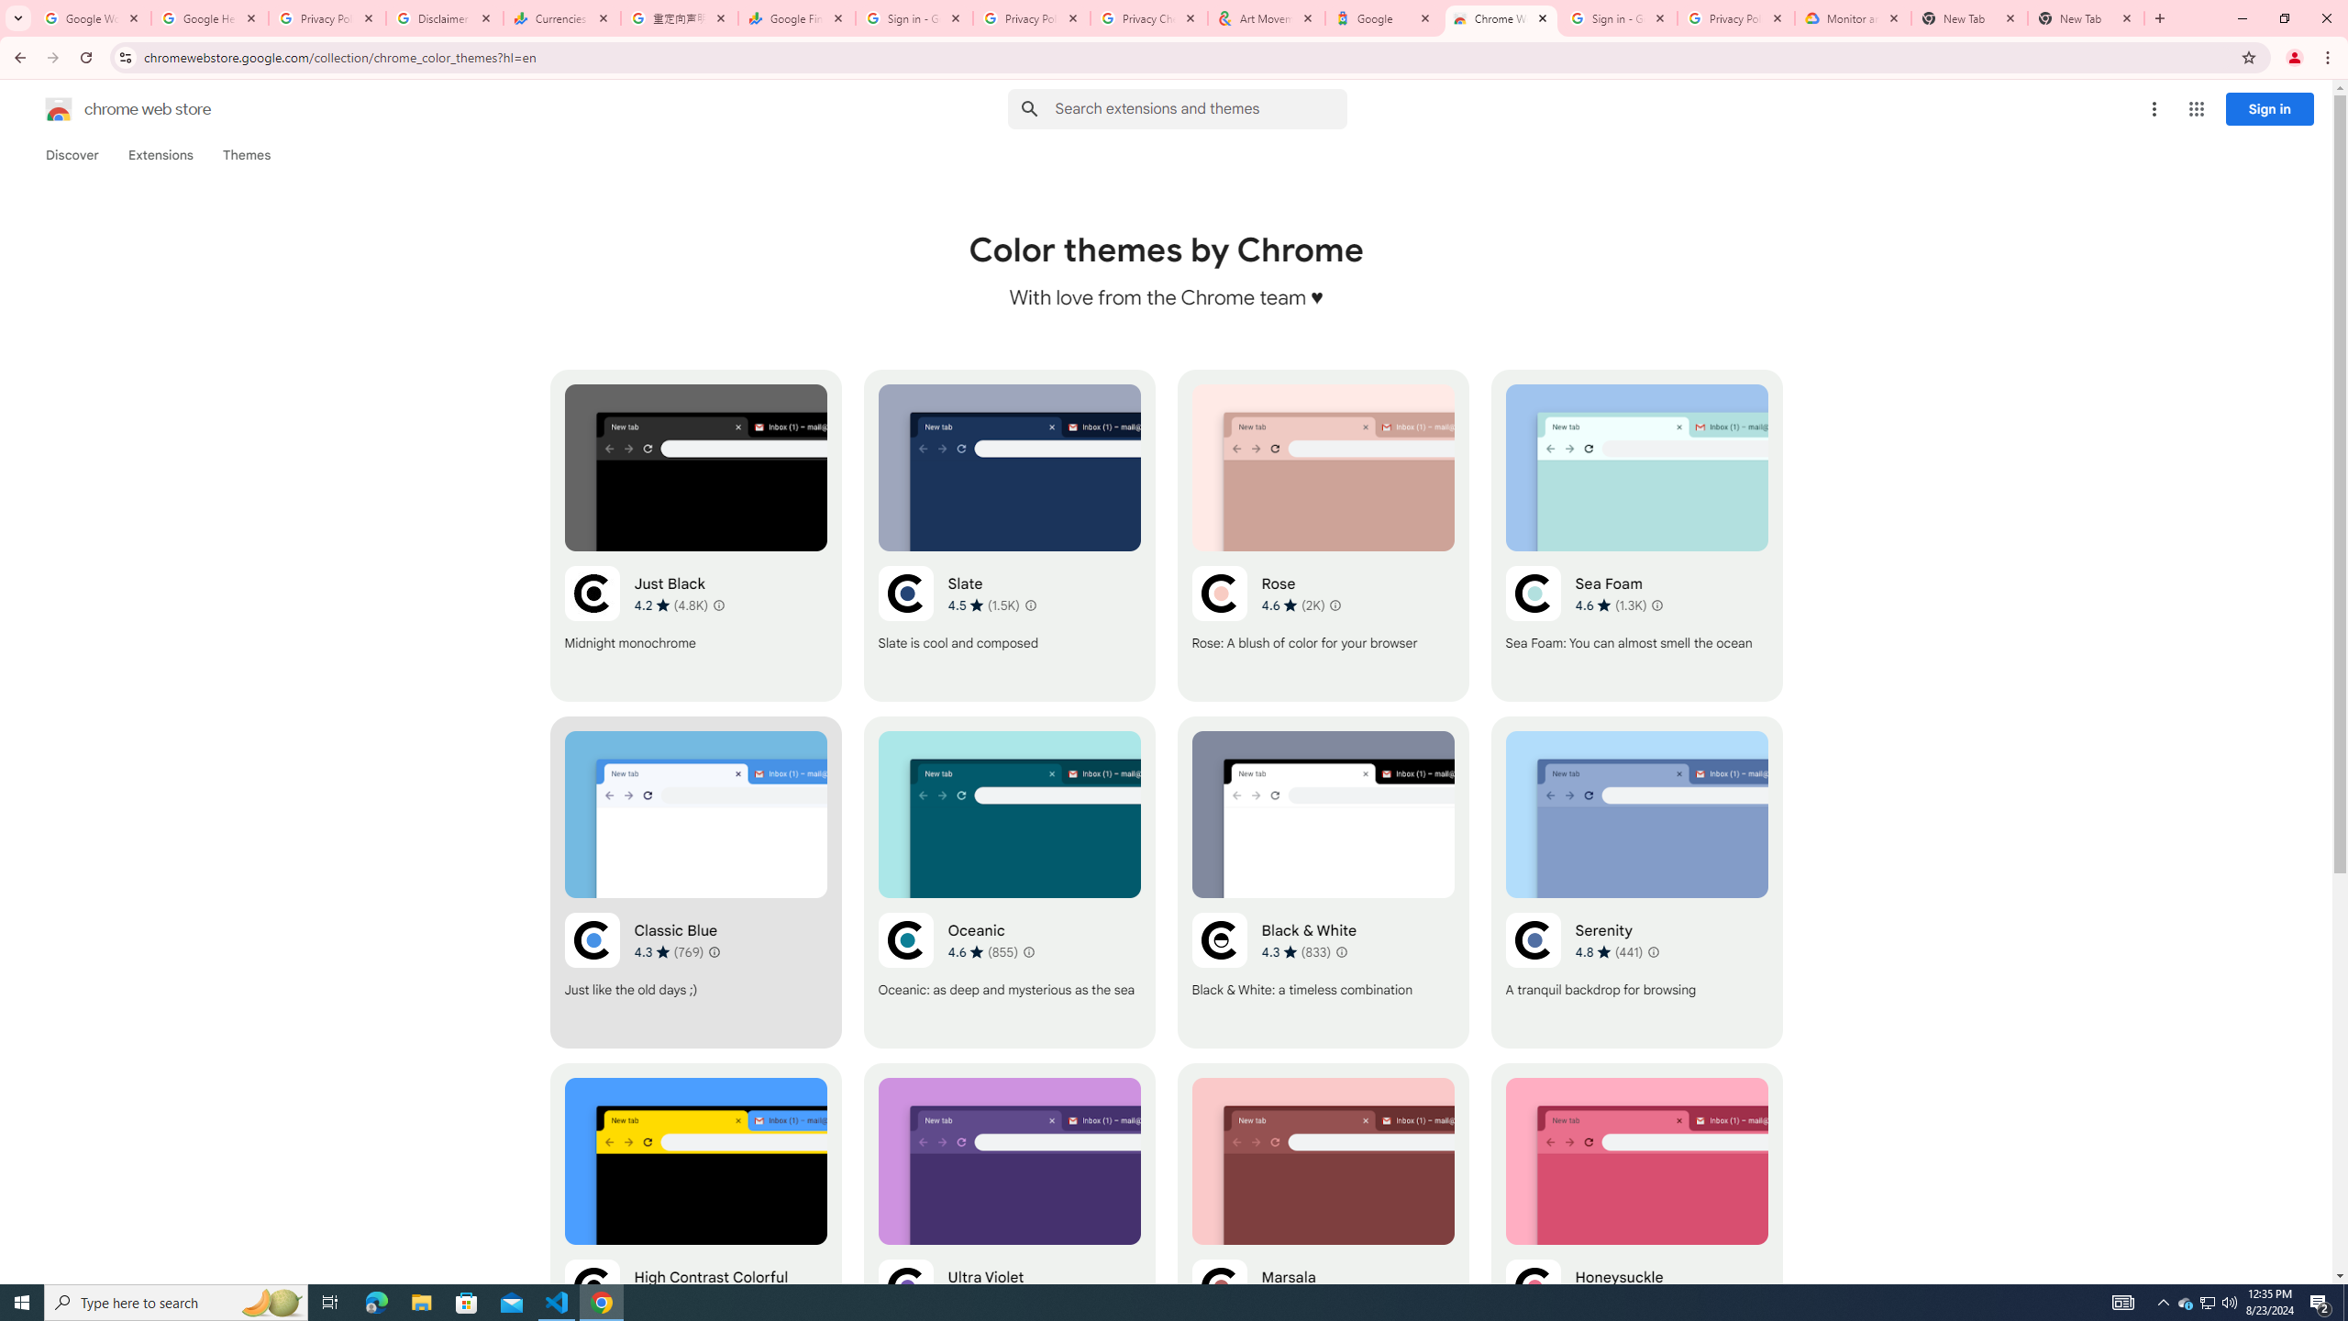  Describe the element at coordinates (1611, 605) in the screenshot. I see `'Average rating 4.6 out of 5 stars. 1.3K ratings.'` at that location.